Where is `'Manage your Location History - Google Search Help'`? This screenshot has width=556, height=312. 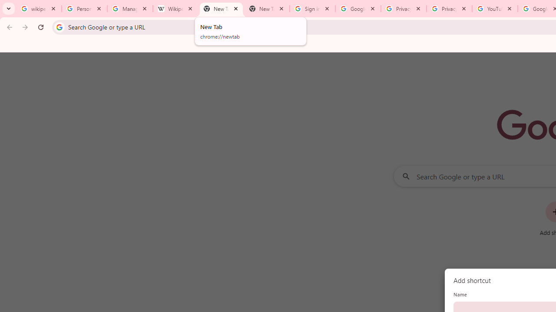 'Manage your Location History - Google Search Help' is located at coordinates (129, 9).